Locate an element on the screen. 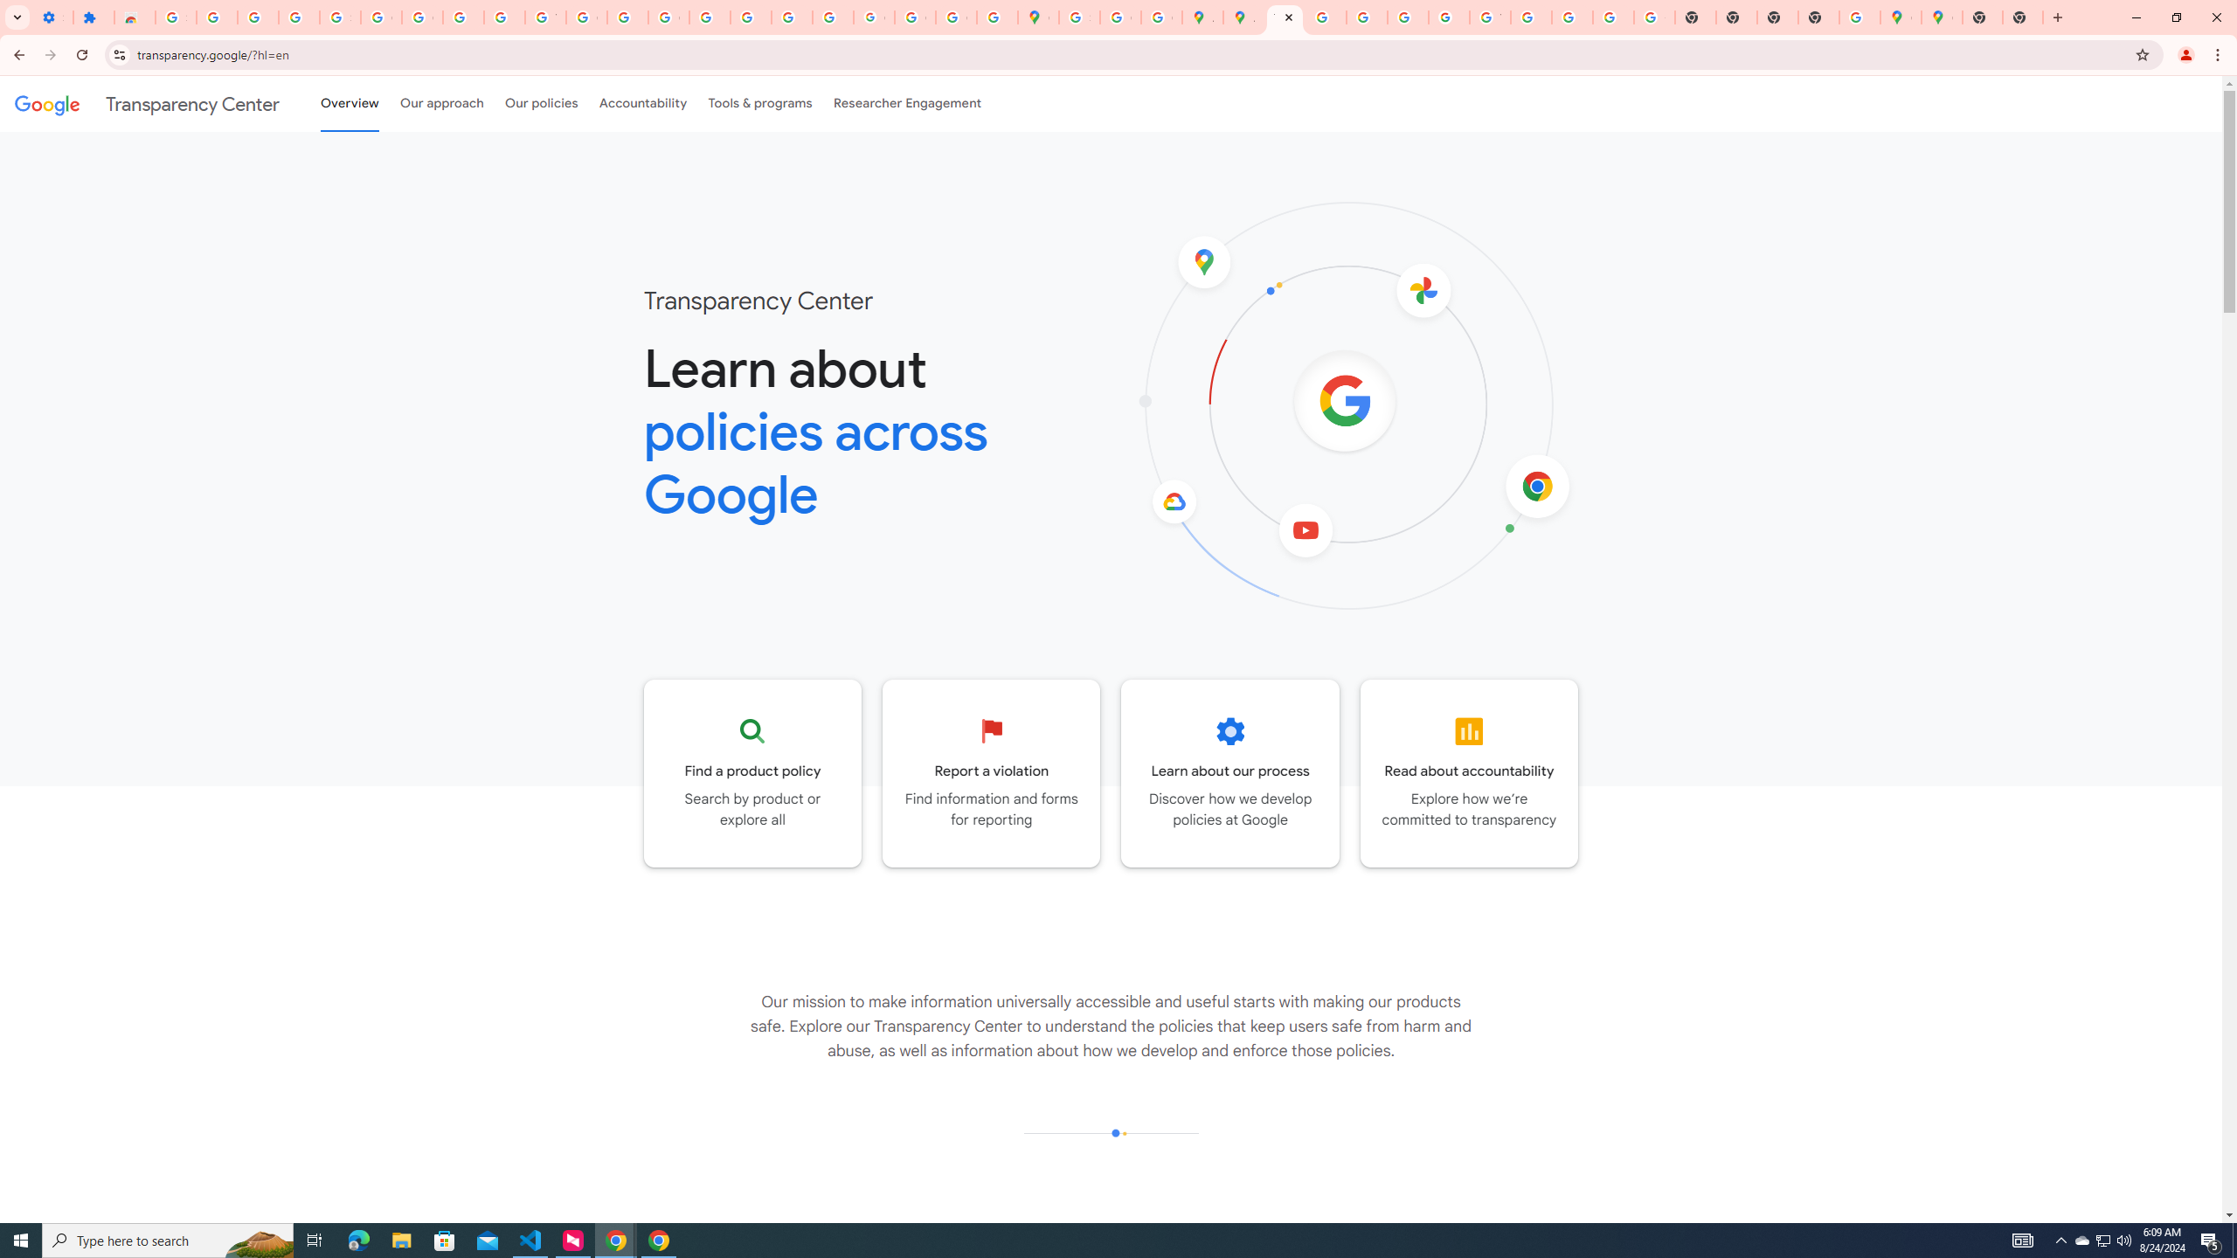 Image resolution: width=2237 pixels, height=1258 pixels. 'Delete photos & videos - Computer - Google Photos Help' is located at coordinates (217, 17).